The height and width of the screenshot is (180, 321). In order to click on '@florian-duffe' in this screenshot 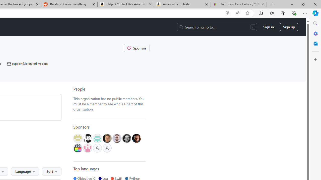, I will do `click(126, 138)`.